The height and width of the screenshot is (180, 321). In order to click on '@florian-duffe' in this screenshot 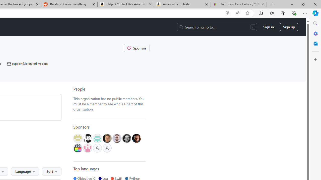, I will do `click(126, 138)`.